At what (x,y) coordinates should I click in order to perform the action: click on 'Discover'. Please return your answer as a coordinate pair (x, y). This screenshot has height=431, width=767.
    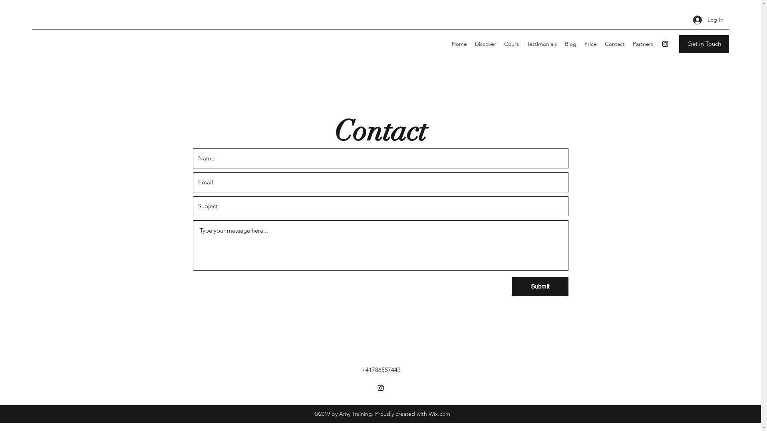
    Looking at the image, I should click on (485, 44).